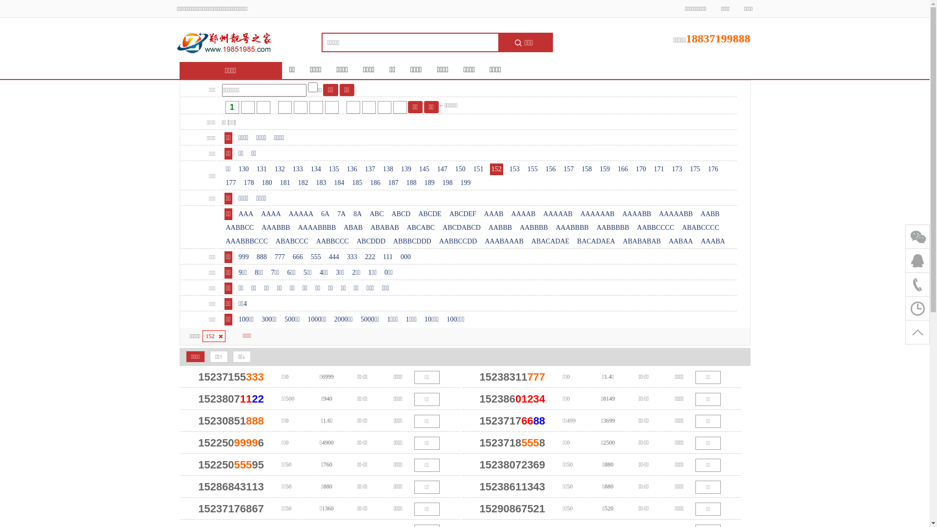 The height and width of the screenshot is (527, 937). What do you see at coordinates (440, 182) in the screenshot?
I see `'198'` at bounding box center [440, 182].